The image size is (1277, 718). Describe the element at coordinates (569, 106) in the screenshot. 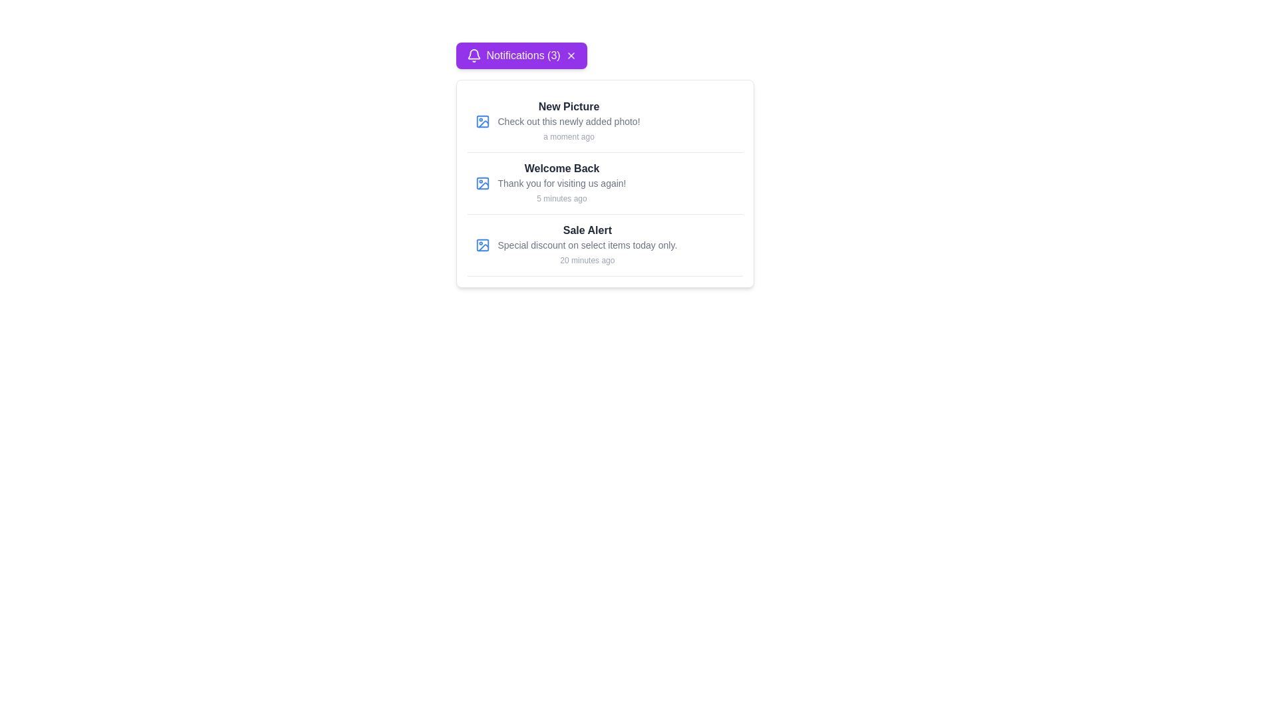

I see `the text label which serves as the title of a notification entry, positioned at the top of the notification list` at that location.